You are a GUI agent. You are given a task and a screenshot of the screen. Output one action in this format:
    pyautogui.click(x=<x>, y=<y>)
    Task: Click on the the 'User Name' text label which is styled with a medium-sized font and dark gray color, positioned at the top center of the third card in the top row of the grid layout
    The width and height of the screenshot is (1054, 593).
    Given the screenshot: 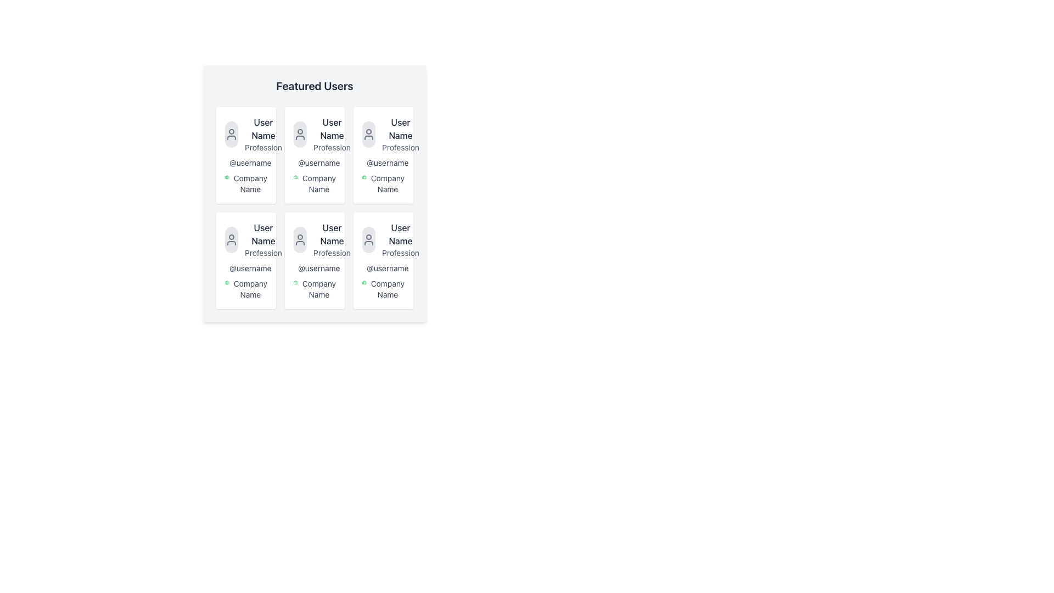 What is the action you would take?
    pyautogui.click(x=400, y=128)
    